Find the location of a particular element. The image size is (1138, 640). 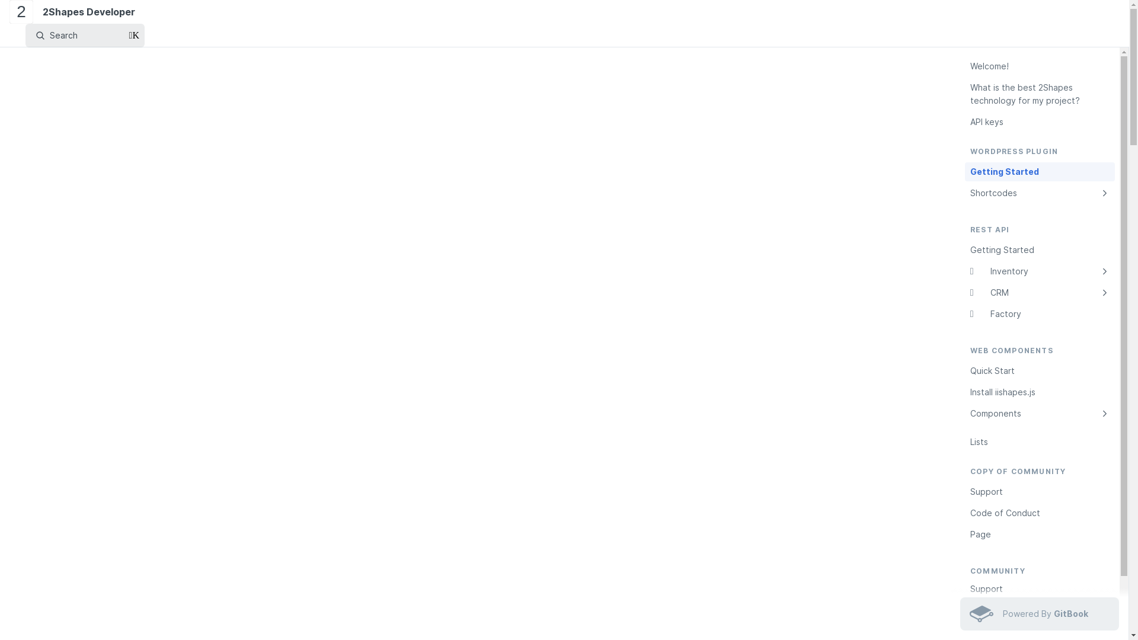

'2 is located at coordinates (73, 11).